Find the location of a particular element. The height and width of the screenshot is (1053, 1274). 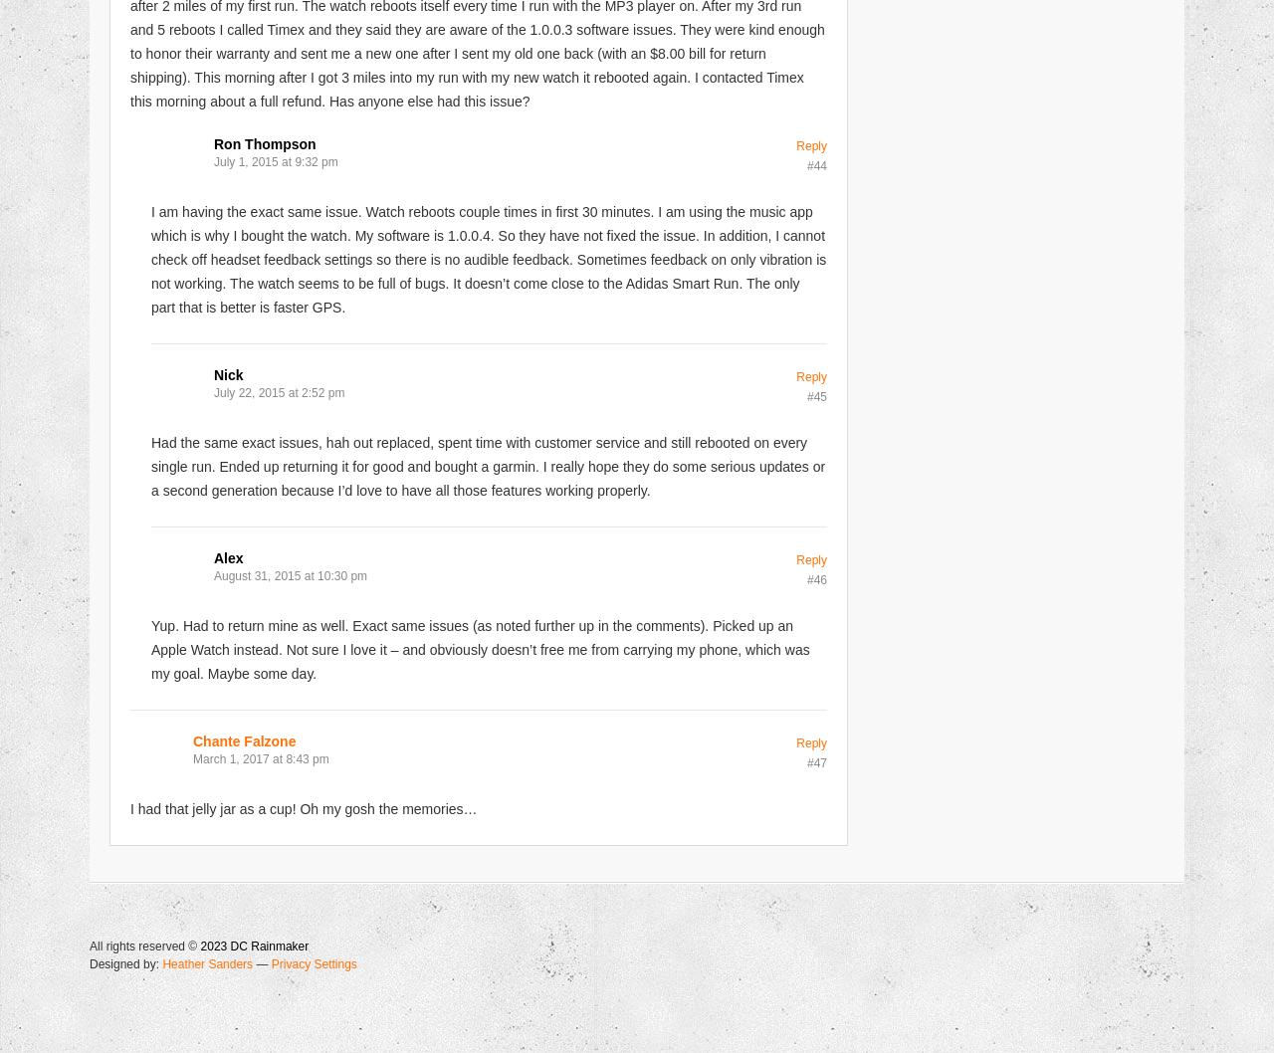

'July 22, 2015 at 2:52 pm' is located at coordinates (278, 391).